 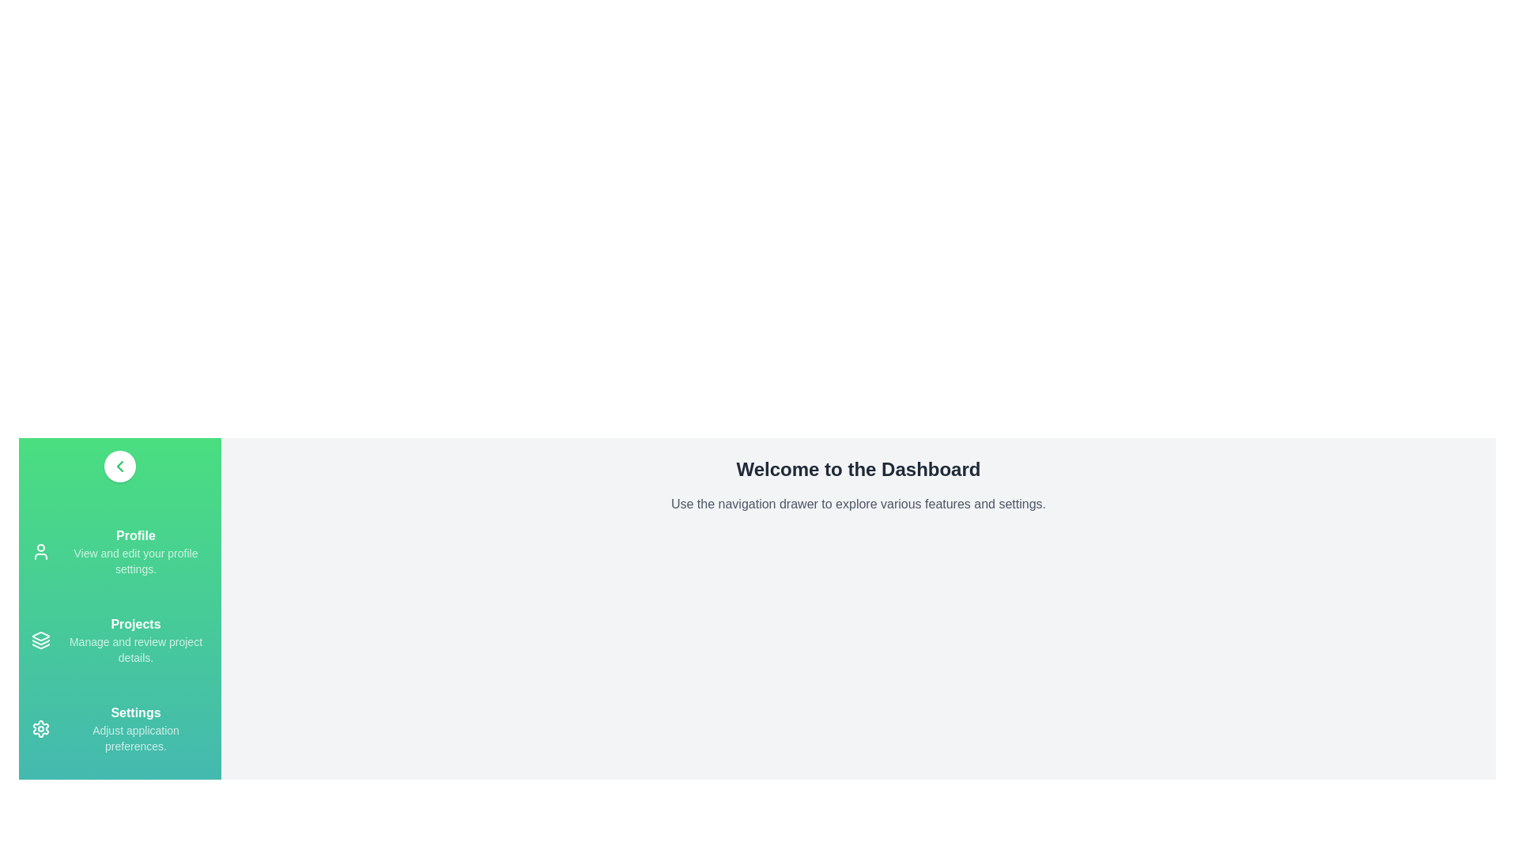 What do you see at coordinates (119, 551) in the screenshot?
I see `the menu item Profile from the navigation drawer` at bounding box center [119, 551].